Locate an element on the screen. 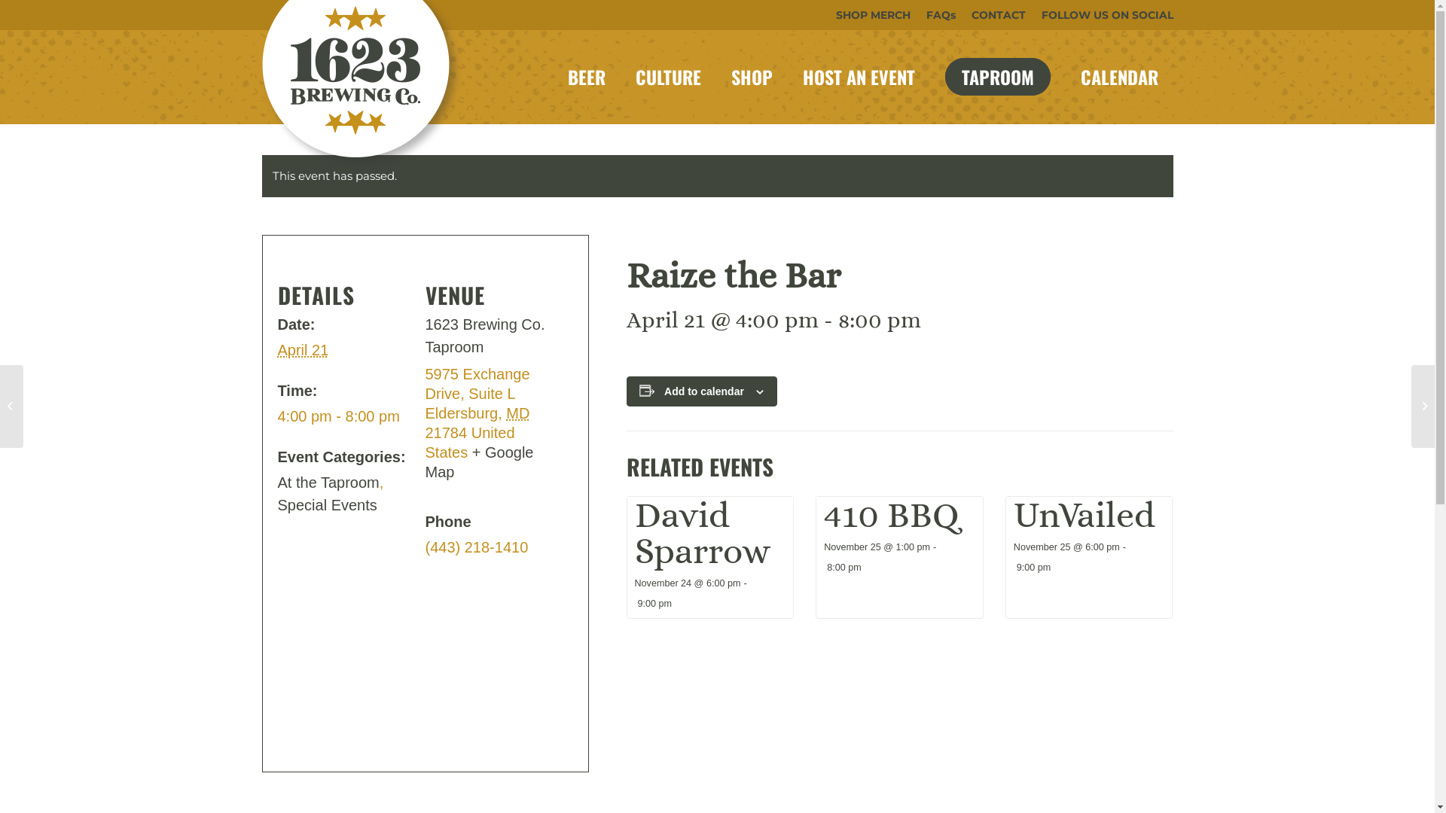 This screenshot has height=813, width=1446. 'Add to calendar' is located at coordinates (664, 391).